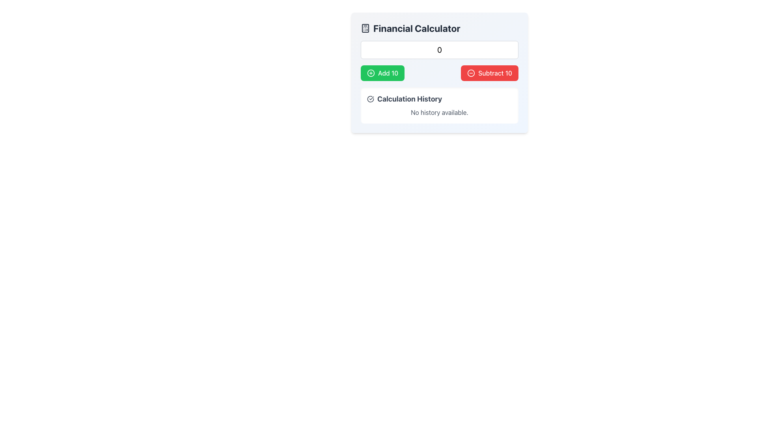  What do you see at coordinates (382, 73) in the screenshot?
I see `the green button labeled 'Add 10'` at bounding box center [382, 73].